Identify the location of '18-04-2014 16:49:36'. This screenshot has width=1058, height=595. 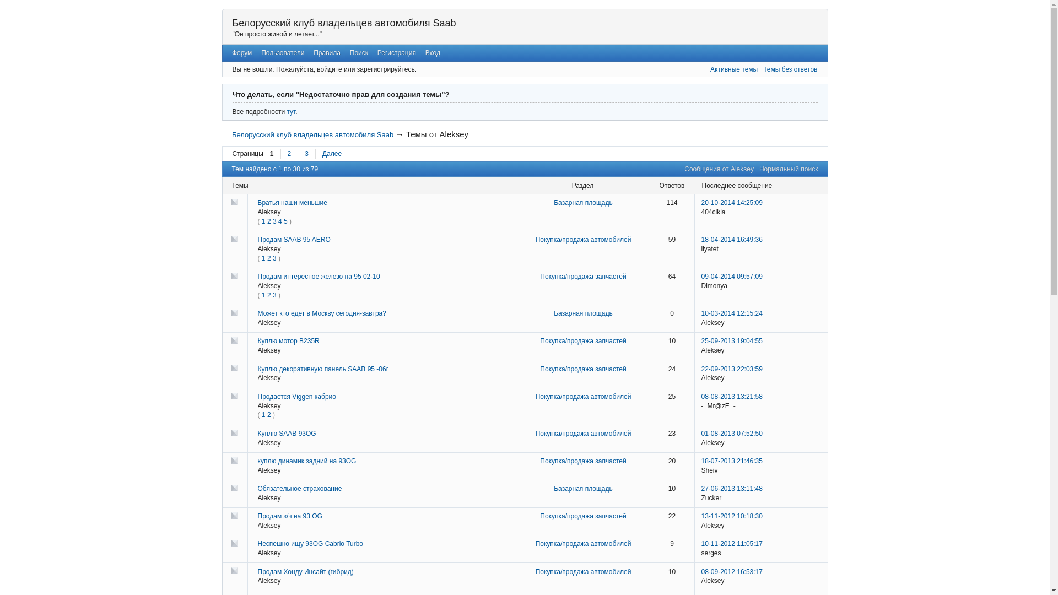
(731, 239).